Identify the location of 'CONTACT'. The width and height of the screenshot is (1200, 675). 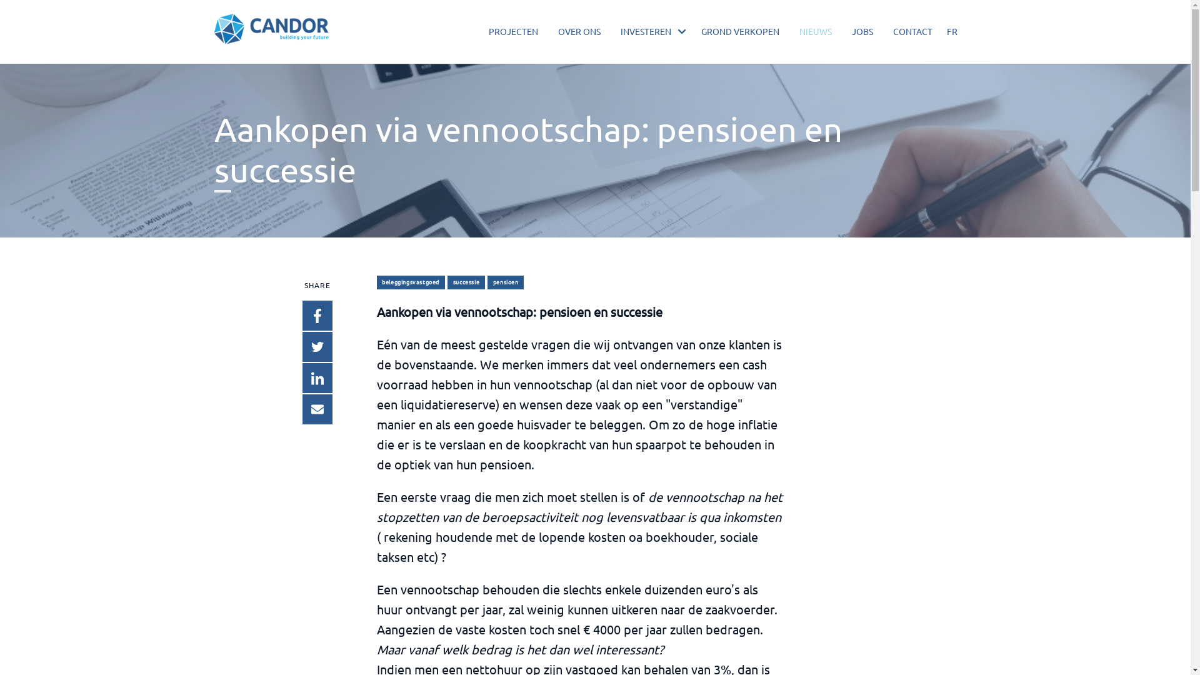
(912, 31).